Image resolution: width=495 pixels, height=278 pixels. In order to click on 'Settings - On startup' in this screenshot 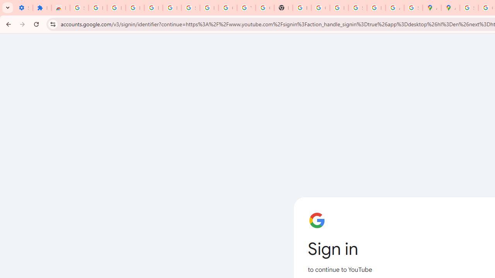, I will do `click(23, 8)`.